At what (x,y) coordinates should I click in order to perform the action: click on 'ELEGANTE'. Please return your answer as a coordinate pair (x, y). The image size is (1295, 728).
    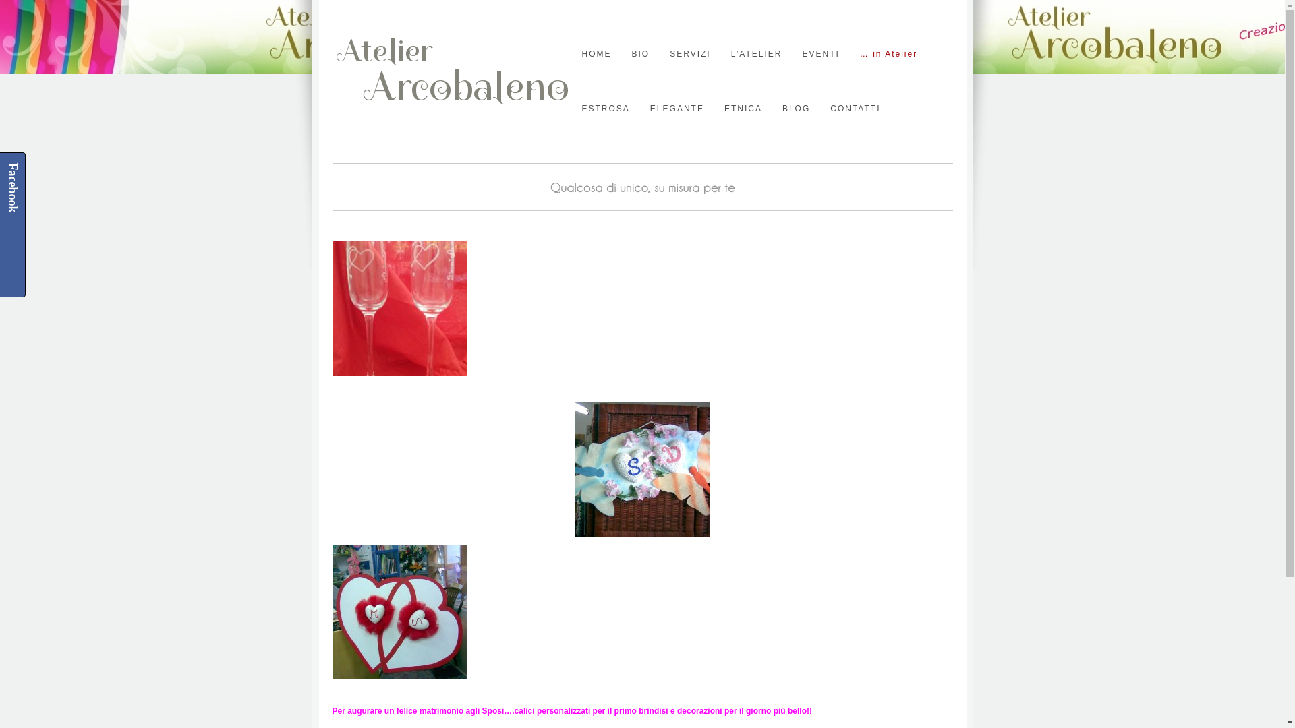
    Looking at the image, I should click on (677, 108).